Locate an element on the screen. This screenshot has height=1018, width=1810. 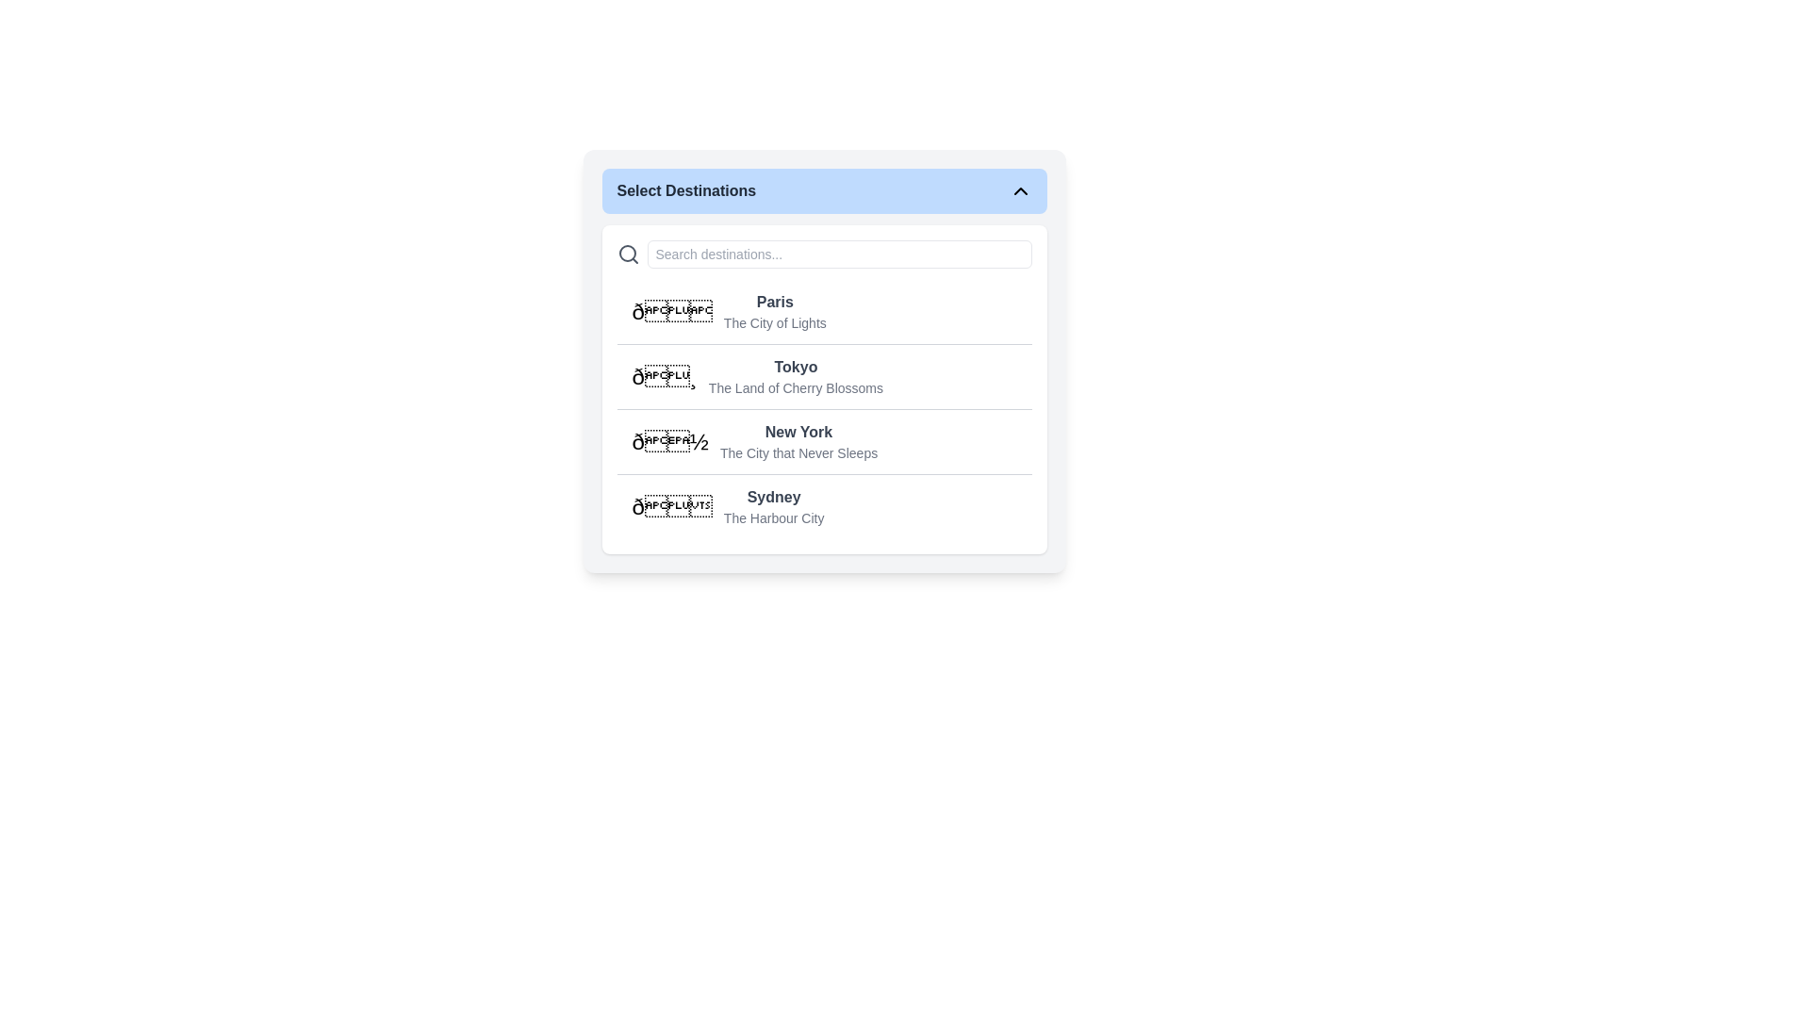
the list item containing the bolded text 'Tokyo' and the smaller text 'The Land of Cherry Blossoms' is located at coordinates (824, 376).